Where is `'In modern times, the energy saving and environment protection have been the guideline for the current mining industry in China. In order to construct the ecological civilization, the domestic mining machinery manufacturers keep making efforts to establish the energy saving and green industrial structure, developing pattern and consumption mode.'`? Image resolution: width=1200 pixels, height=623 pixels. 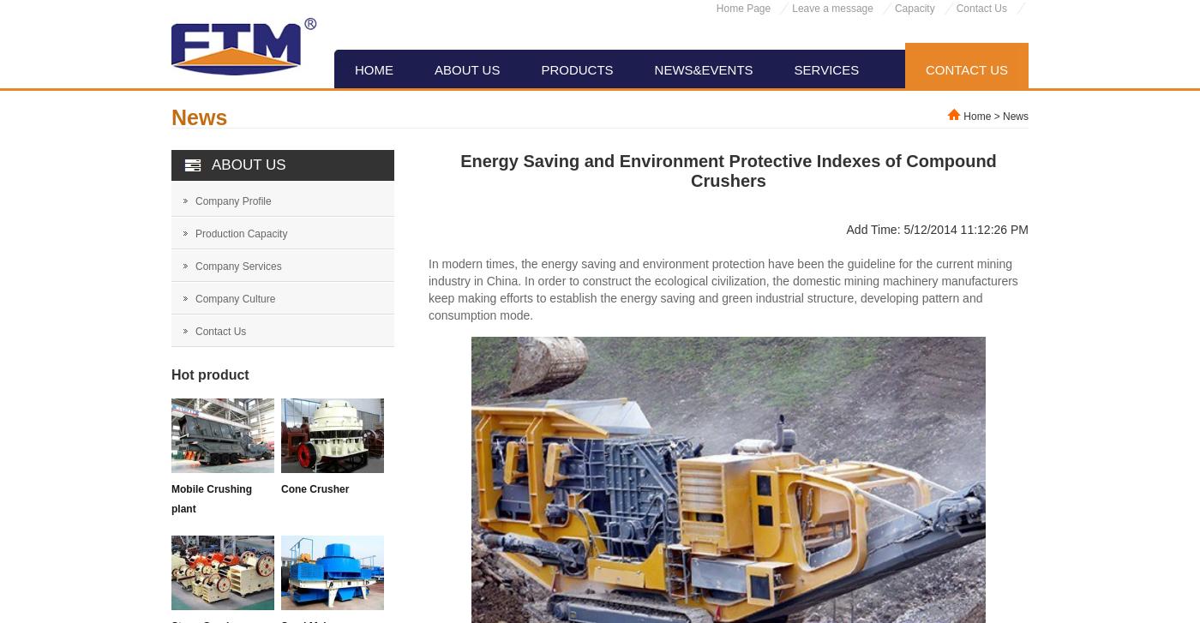 'In modern times, the energy saving and environment protection have been the guideline for the current mining industry in China. In order to construct the ecological civilization, the domestic mining machinery manufacturers keep making efforts to establish the energy saving and green industrial structure, developing pattern and consumption mode.' is located at coordinates (722, 289).